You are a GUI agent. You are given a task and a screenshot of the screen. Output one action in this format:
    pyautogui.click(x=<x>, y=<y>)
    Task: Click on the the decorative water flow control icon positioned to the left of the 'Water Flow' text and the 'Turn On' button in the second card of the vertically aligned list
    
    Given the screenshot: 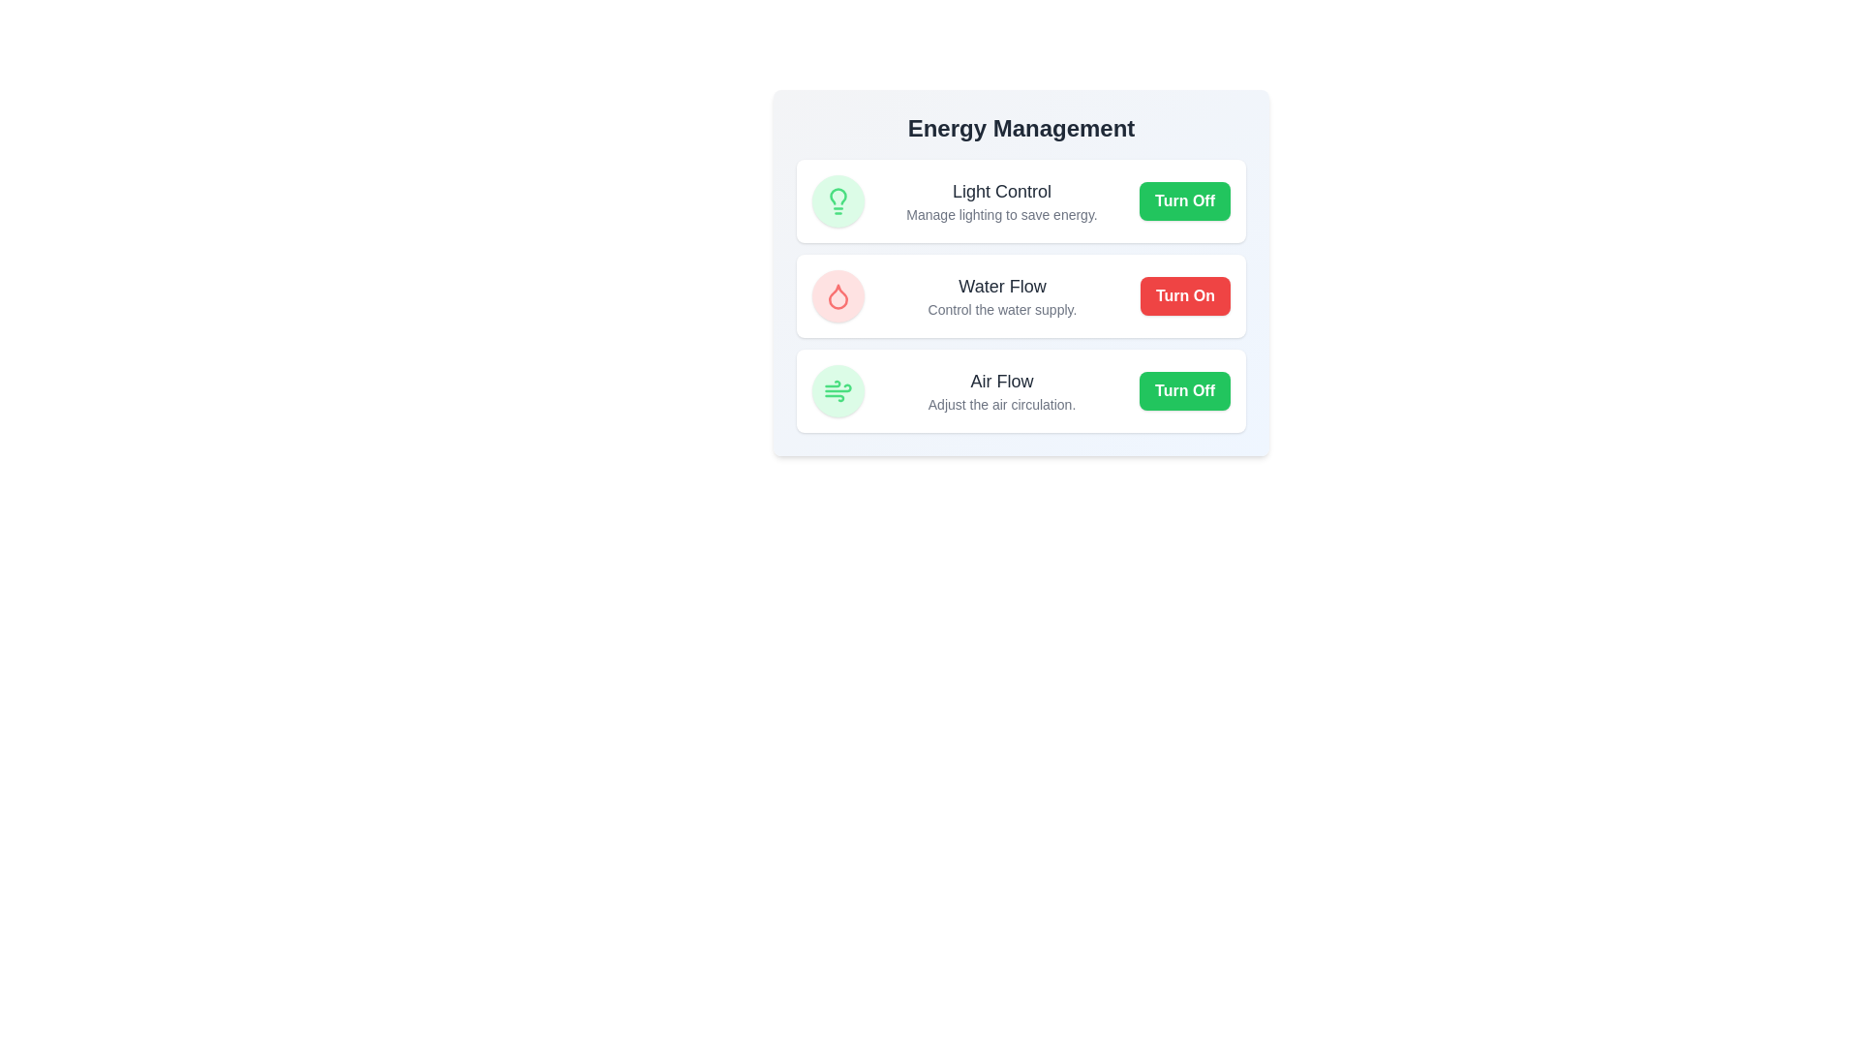 What is the action you would take?
    pyautogui.click(x=838, y=295)
    